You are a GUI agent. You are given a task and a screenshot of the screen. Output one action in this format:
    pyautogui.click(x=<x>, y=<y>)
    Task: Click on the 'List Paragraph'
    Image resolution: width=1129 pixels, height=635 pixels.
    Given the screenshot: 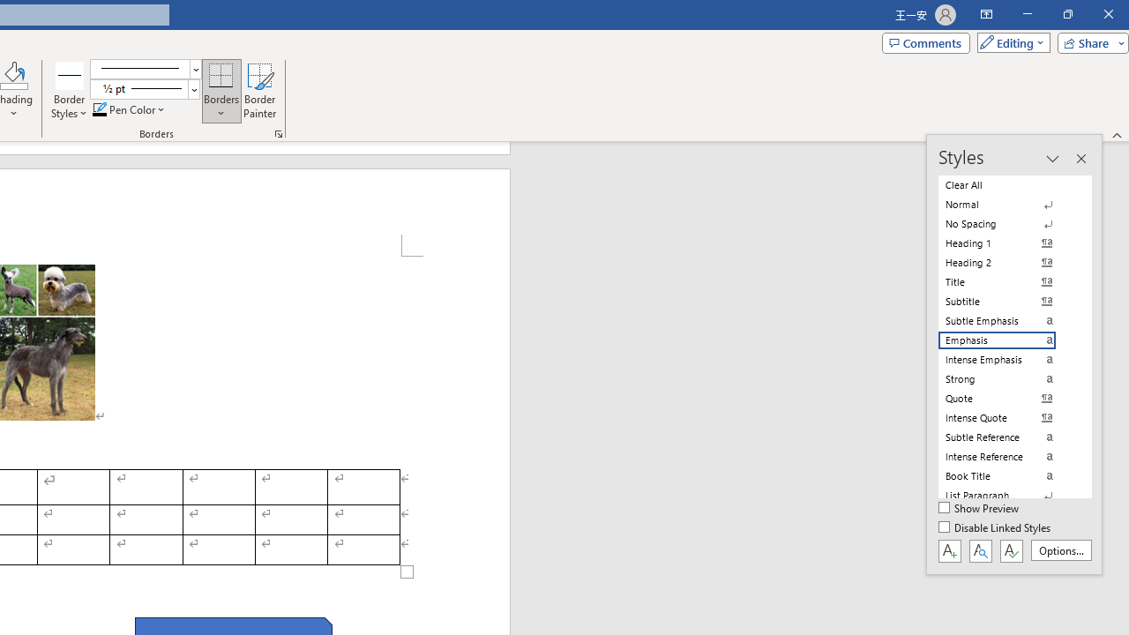 What is the action you would take?
    pyautogui.click(x=1007, y=495)
    